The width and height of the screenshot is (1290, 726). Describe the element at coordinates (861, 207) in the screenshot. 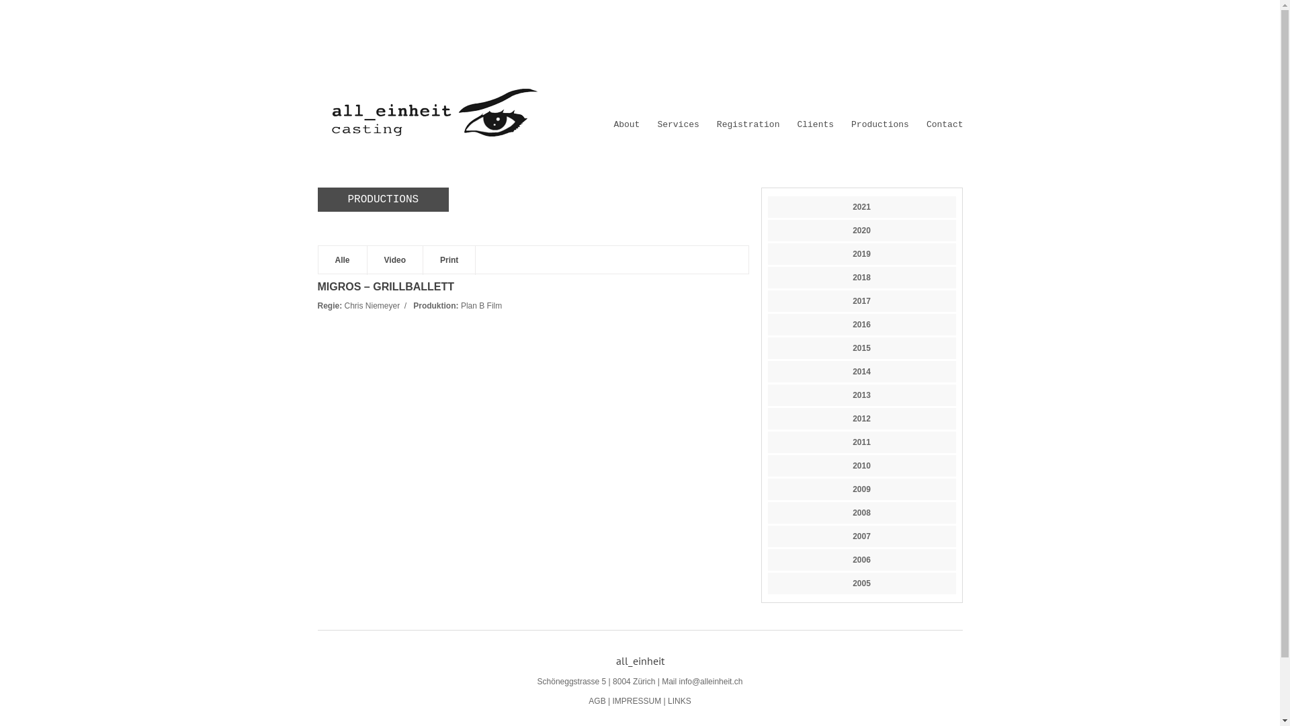

I see `'2021'` at that location.